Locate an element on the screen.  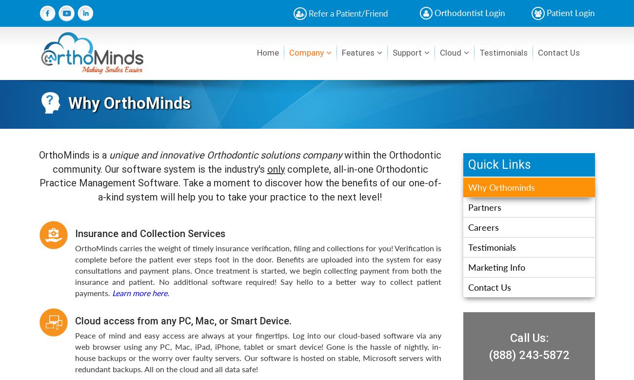
'Cloud' is located at coordinates (451, 52).